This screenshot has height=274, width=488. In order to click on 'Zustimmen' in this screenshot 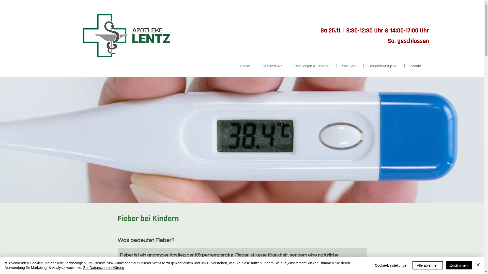, I will do `click(459, 265)`.